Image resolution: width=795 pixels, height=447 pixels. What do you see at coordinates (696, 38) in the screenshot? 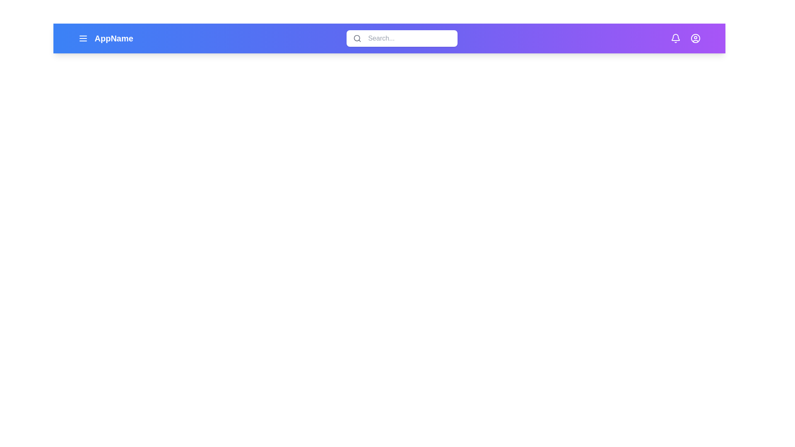
I see `the user icon to access user profile options` at bounding box center [696, 38].